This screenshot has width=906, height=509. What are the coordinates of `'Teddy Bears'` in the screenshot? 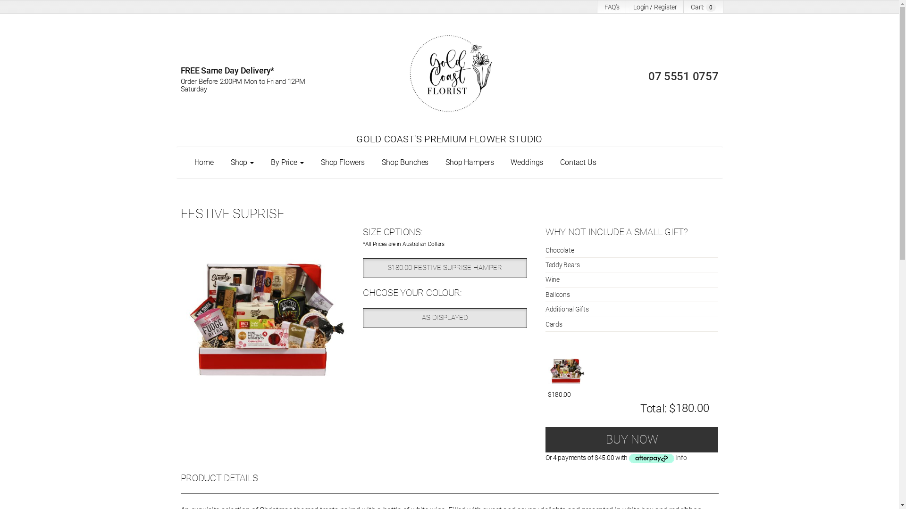 It's located at (545, 265).